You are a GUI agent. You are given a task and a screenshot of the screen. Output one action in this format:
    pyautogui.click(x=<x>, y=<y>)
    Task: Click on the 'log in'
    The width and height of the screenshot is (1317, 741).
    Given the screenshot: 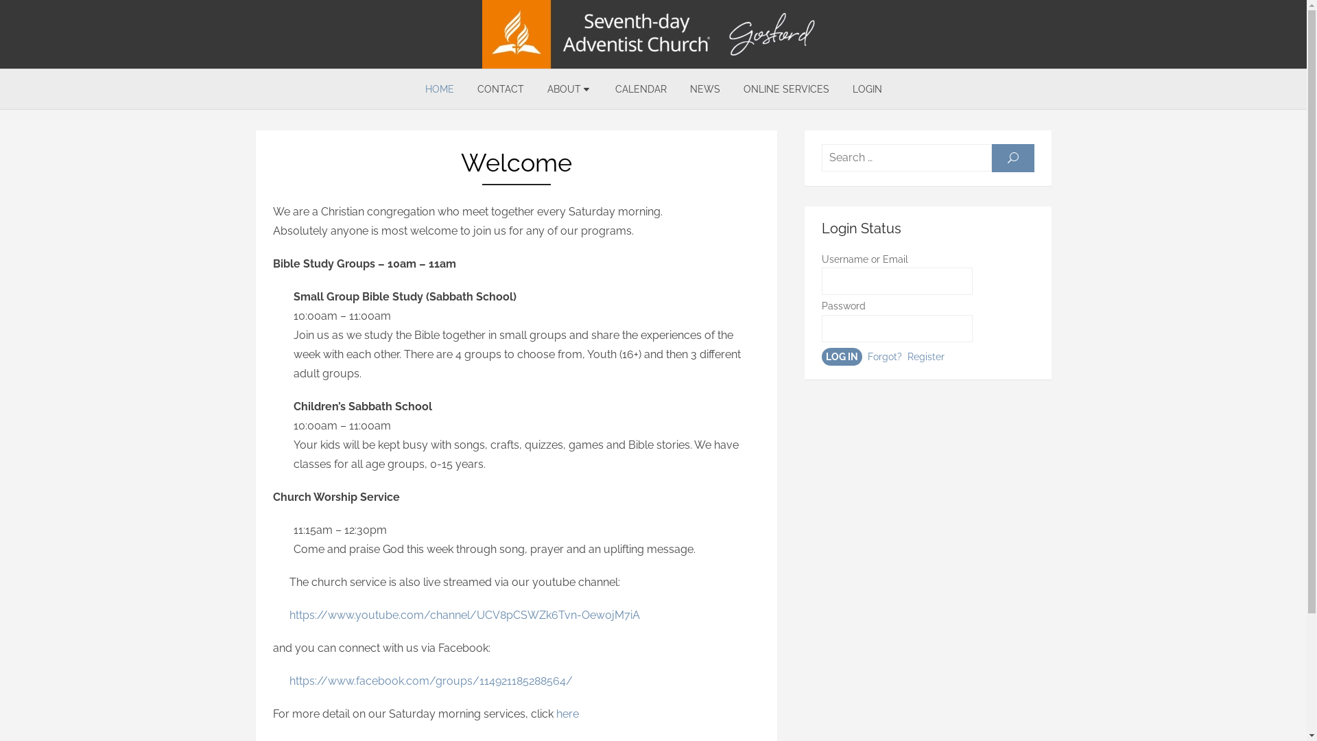 What is the action you would take?
    pyautogui.click(x=841, y=356)
    